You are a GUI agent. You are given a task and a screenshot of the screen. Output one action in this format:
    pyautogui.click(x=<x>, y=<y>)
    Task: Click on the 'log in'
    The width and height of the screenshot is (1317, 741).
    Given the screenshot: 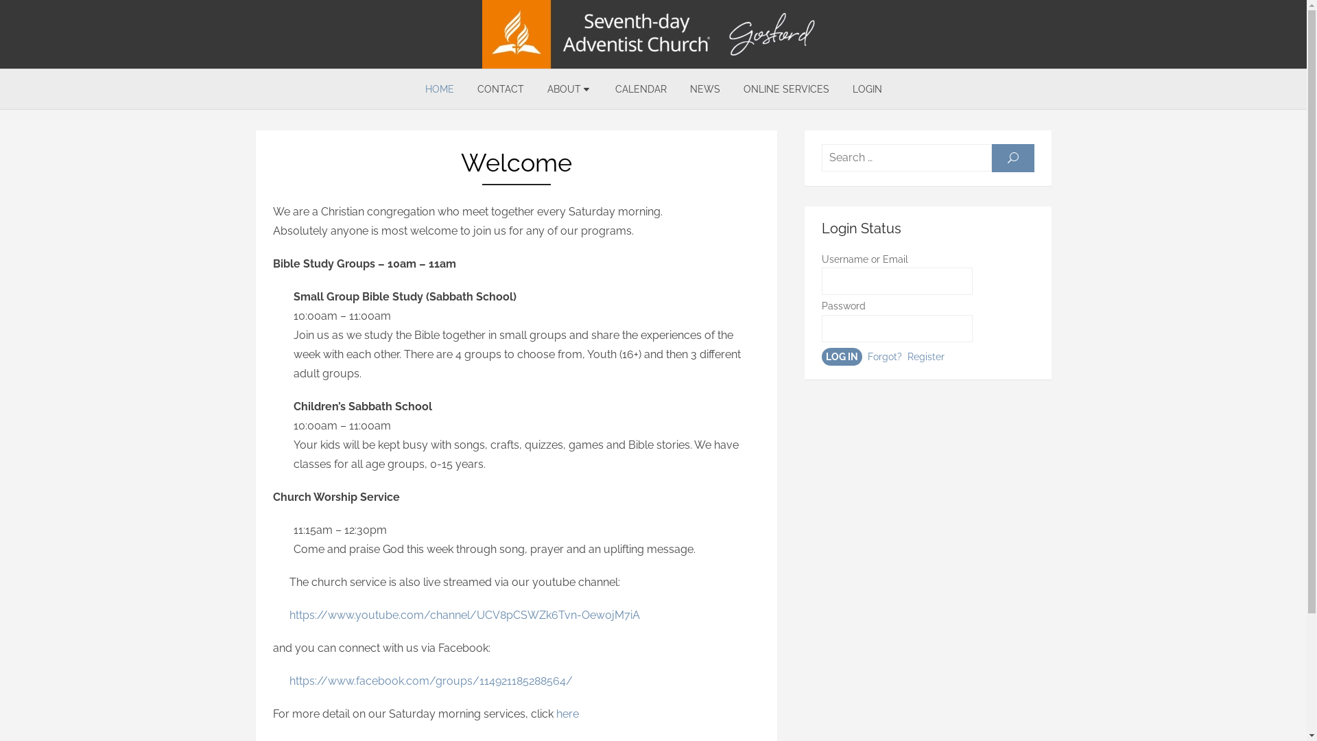 What is the action you would take?
    pyautogui.click(x=841, y=356)
    